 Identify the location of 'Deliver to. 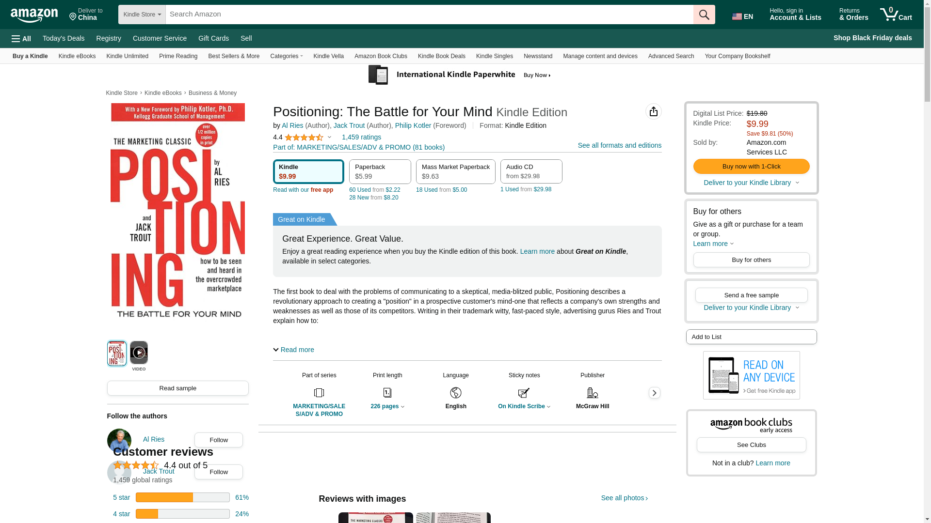
(86, 15).